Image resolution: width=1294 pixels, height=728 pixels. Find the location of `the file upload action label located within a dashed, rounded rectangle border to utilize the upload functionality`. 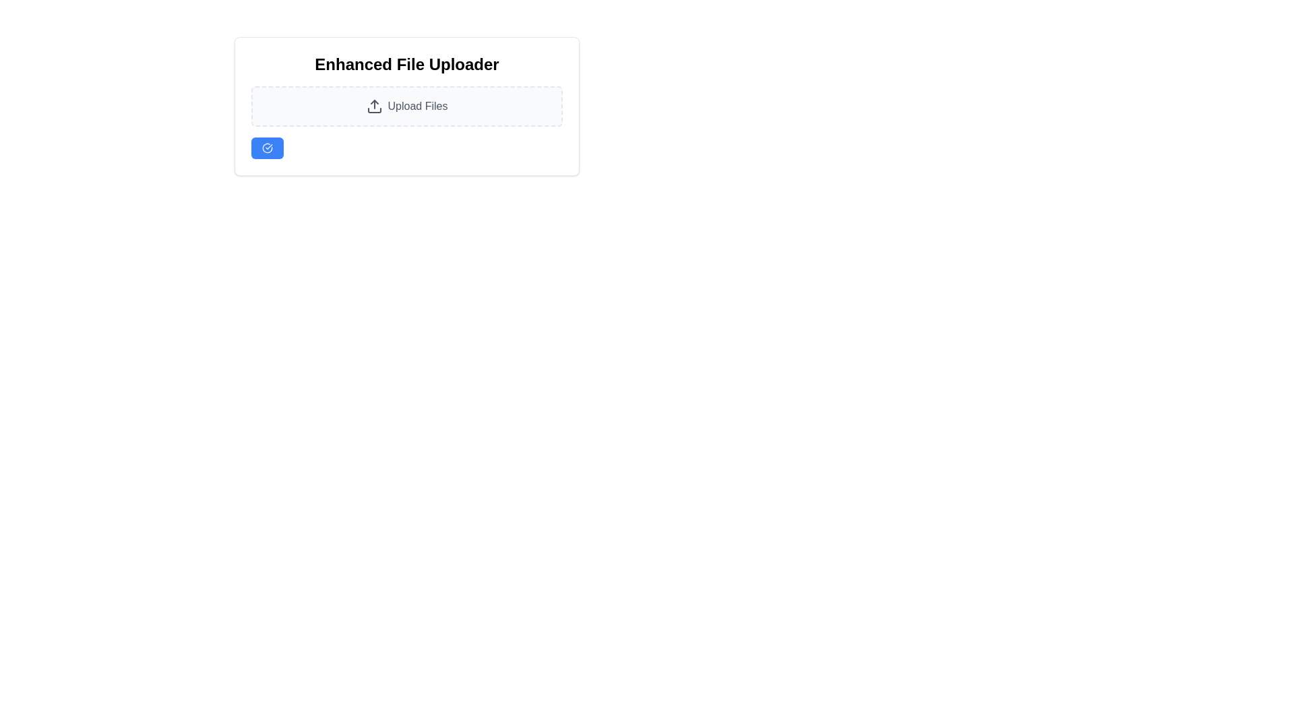

the file upload action label located within a dashed, rounded rectangle border to utilize the upload functionality is located at coordinates (417, 106).